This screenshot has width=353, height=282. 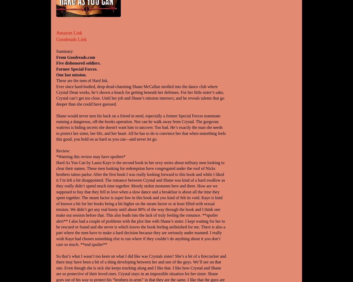 What do you see at coordinates (71, 74) in the screenshot?
I see `'One last mission.'` at bounding box center [71, 74].